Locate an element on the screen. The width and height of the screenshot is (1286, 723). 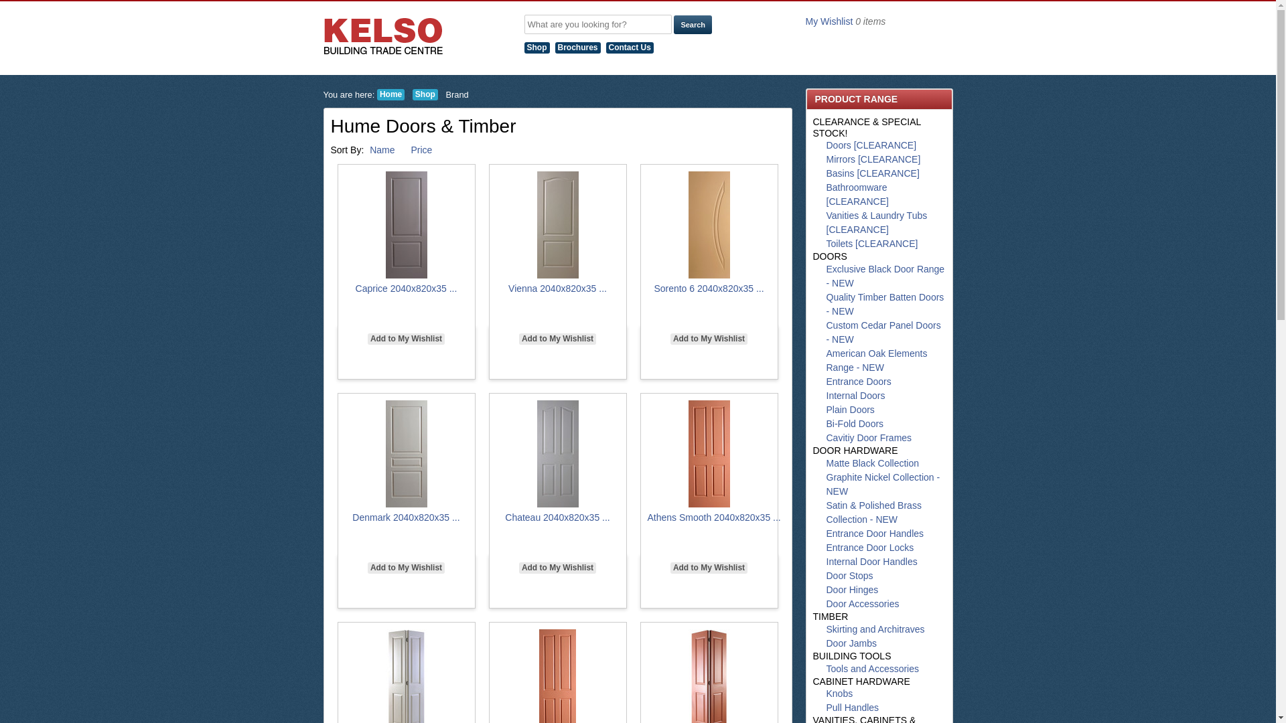
'Knobs' is located at coordinates (839, 693).